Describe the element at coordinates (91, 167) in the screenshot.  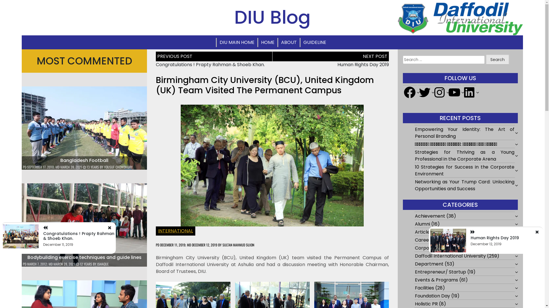
I see `'13 YEARS'` at that location.